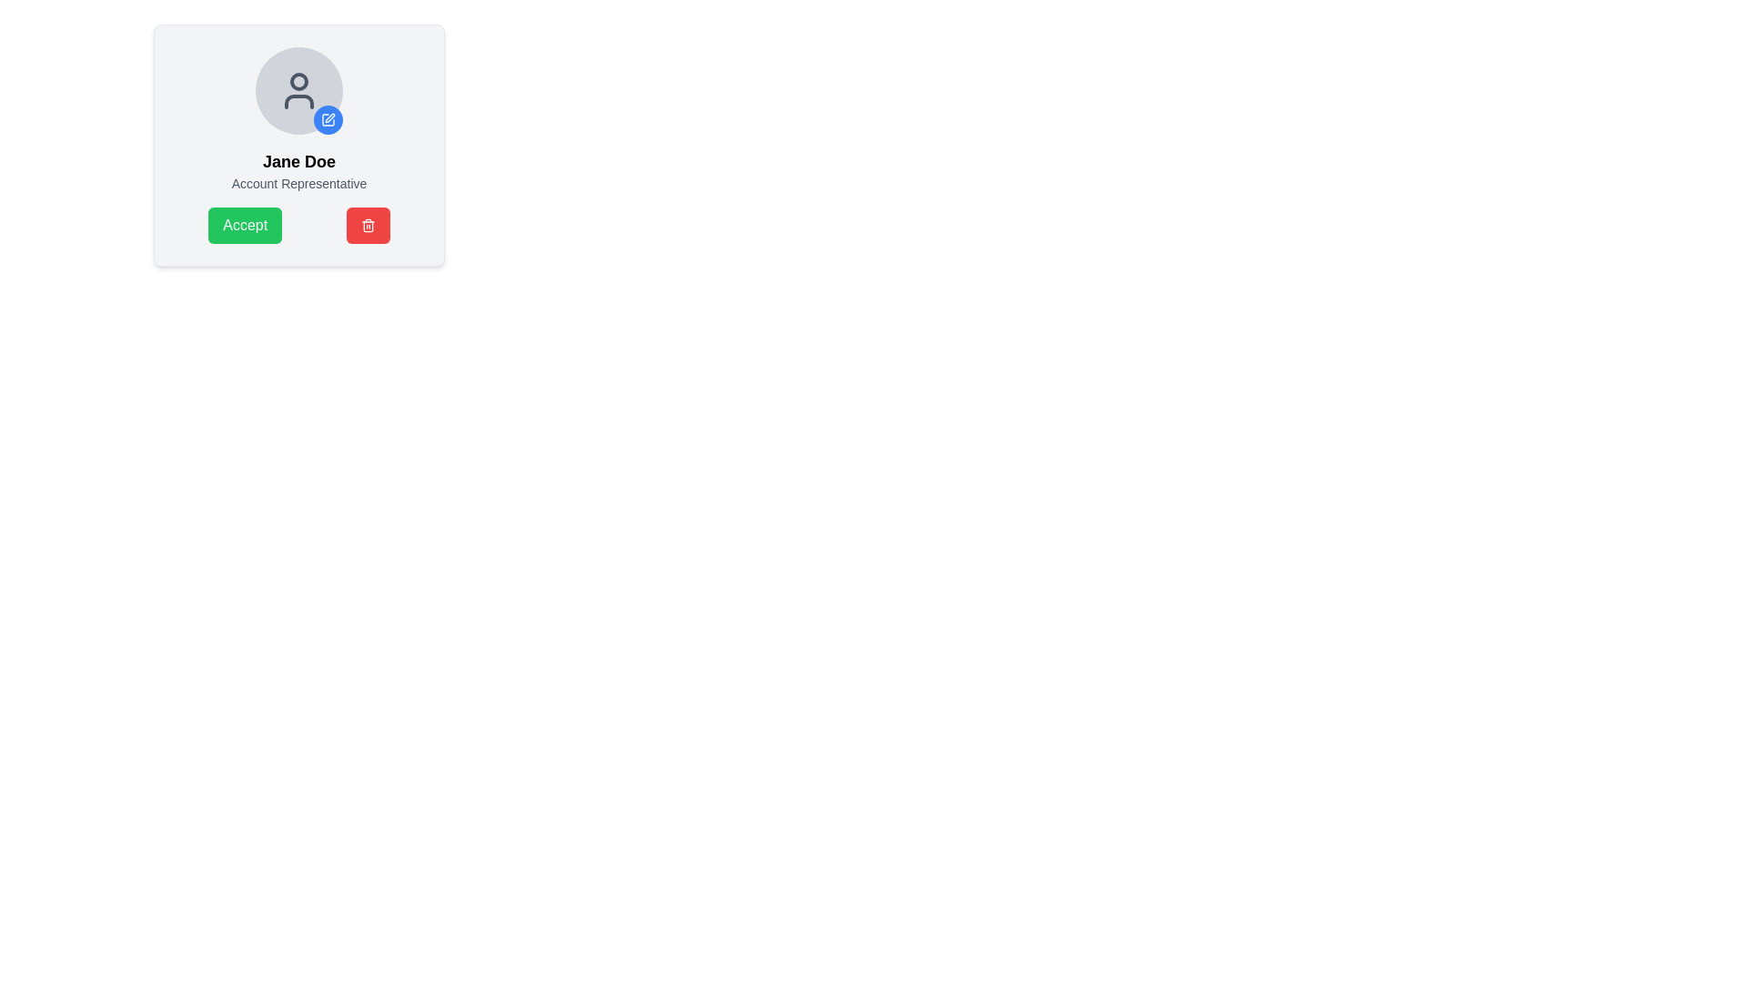 The image size is (1747, 983). Describe the element at coordinates (328, 119) in the screenshot. I see `the button located at the bottom-right corner of the circular profile picture area to observe a color change indicating interactivity` at that location.